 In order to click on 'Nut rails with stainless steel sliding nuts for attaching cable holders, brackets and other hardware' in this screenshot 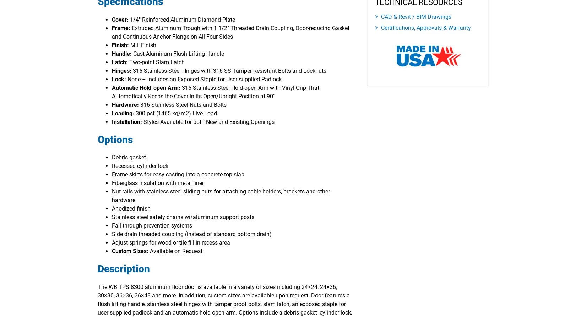, I will do `click(112, 195)`.